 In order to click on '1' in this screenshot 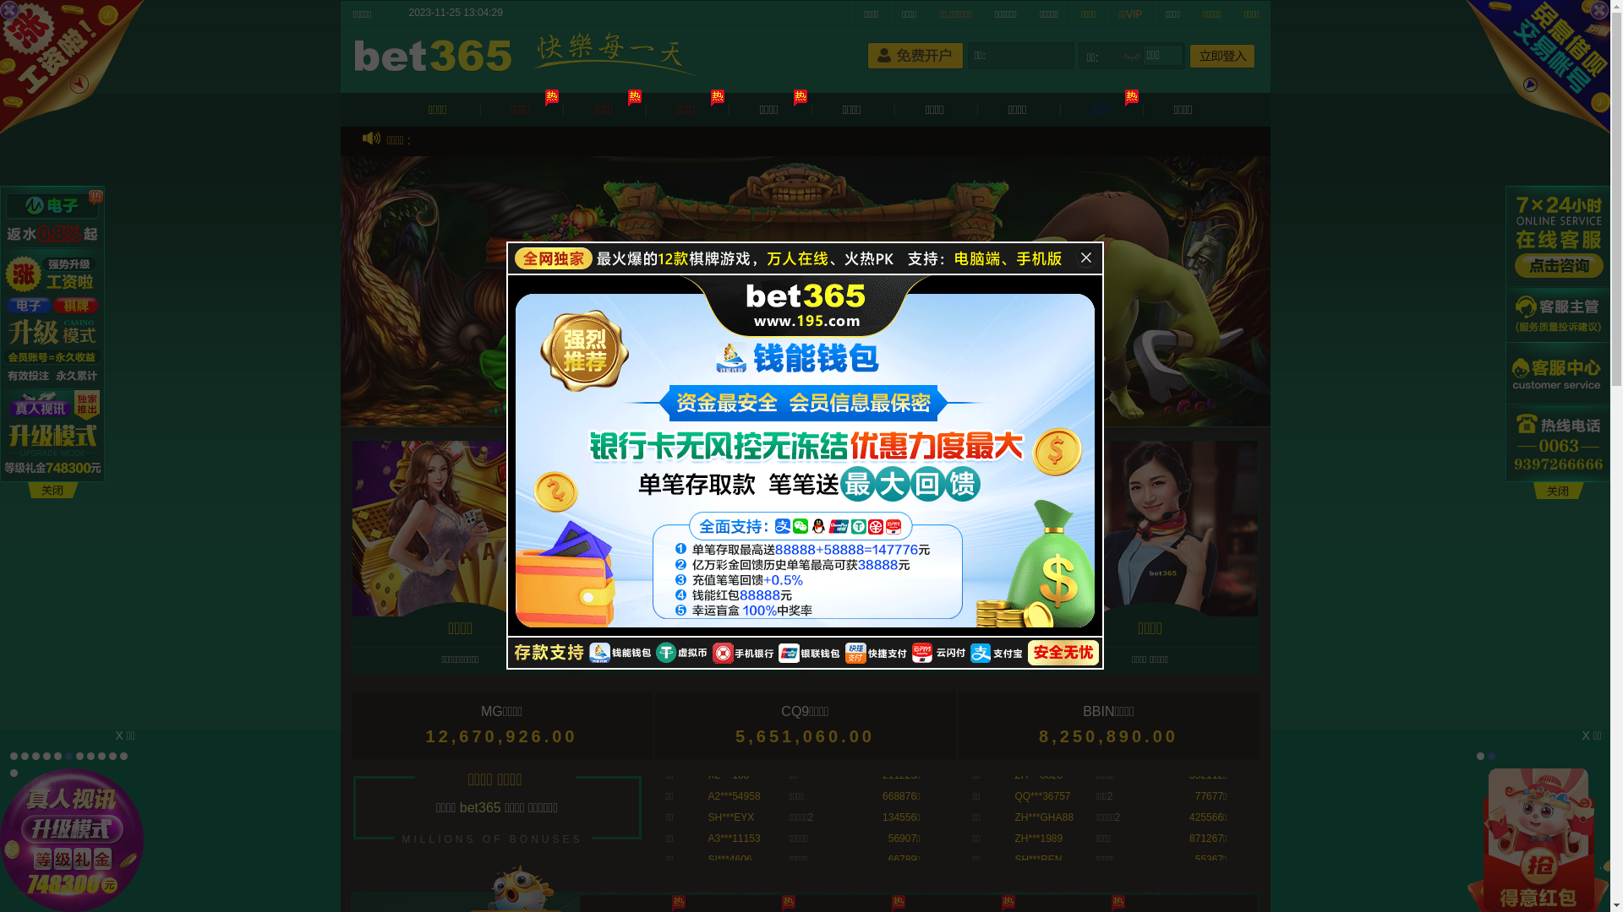, I will do `click(1479, 755)`.